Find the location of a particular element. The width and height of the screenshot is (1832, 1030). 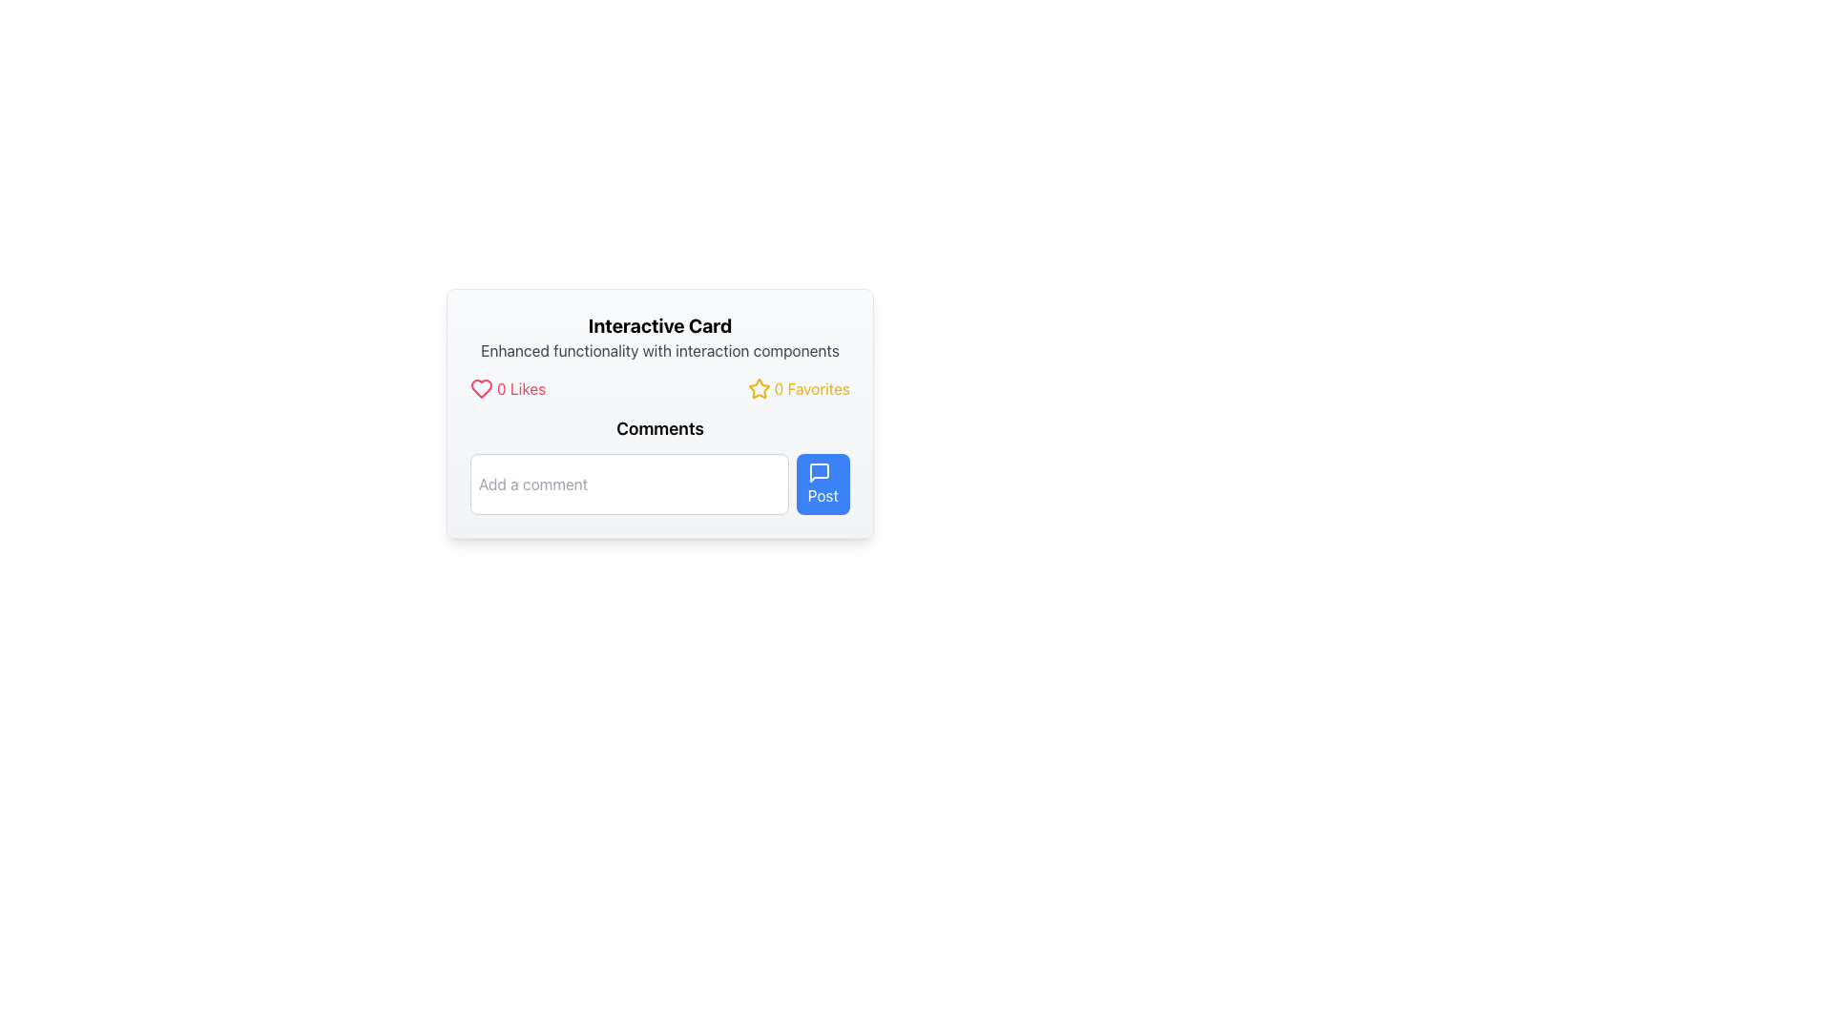

the star-shaped icon filled with yellow color, located next to the text '0 Favorites' is located at coordinates (758, 388).